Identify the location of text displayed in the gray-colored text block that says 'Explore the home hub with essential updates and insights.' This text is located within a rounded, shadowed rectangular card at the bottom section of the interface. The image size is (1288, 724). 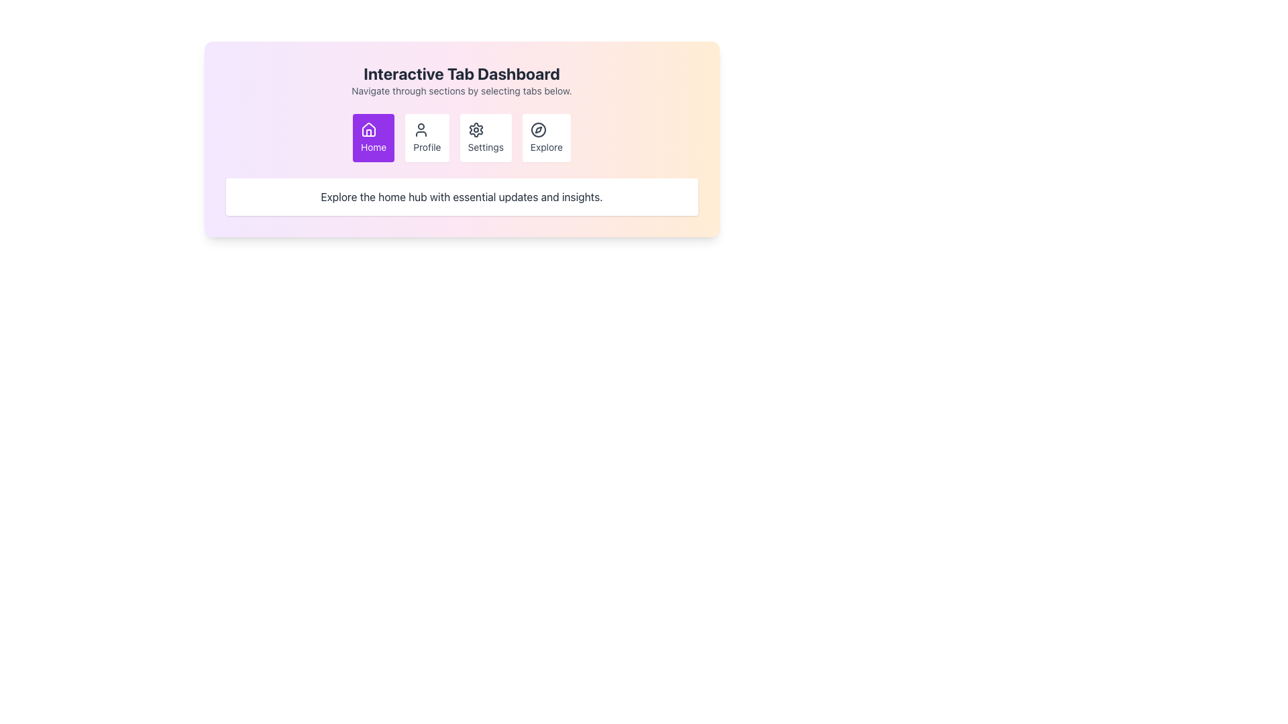
(462, 196).